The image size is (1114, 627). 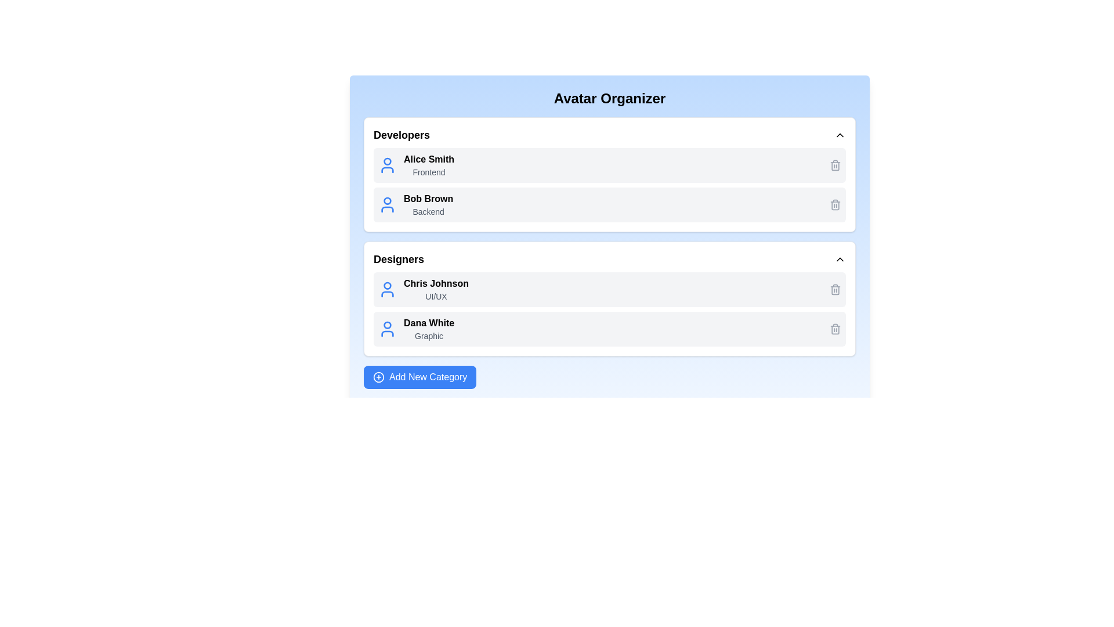 I want to click on lower portion of the avatar icon for 'Bob Brown' in the 'Developers' section using developer tools, so click(x=387, y=210).